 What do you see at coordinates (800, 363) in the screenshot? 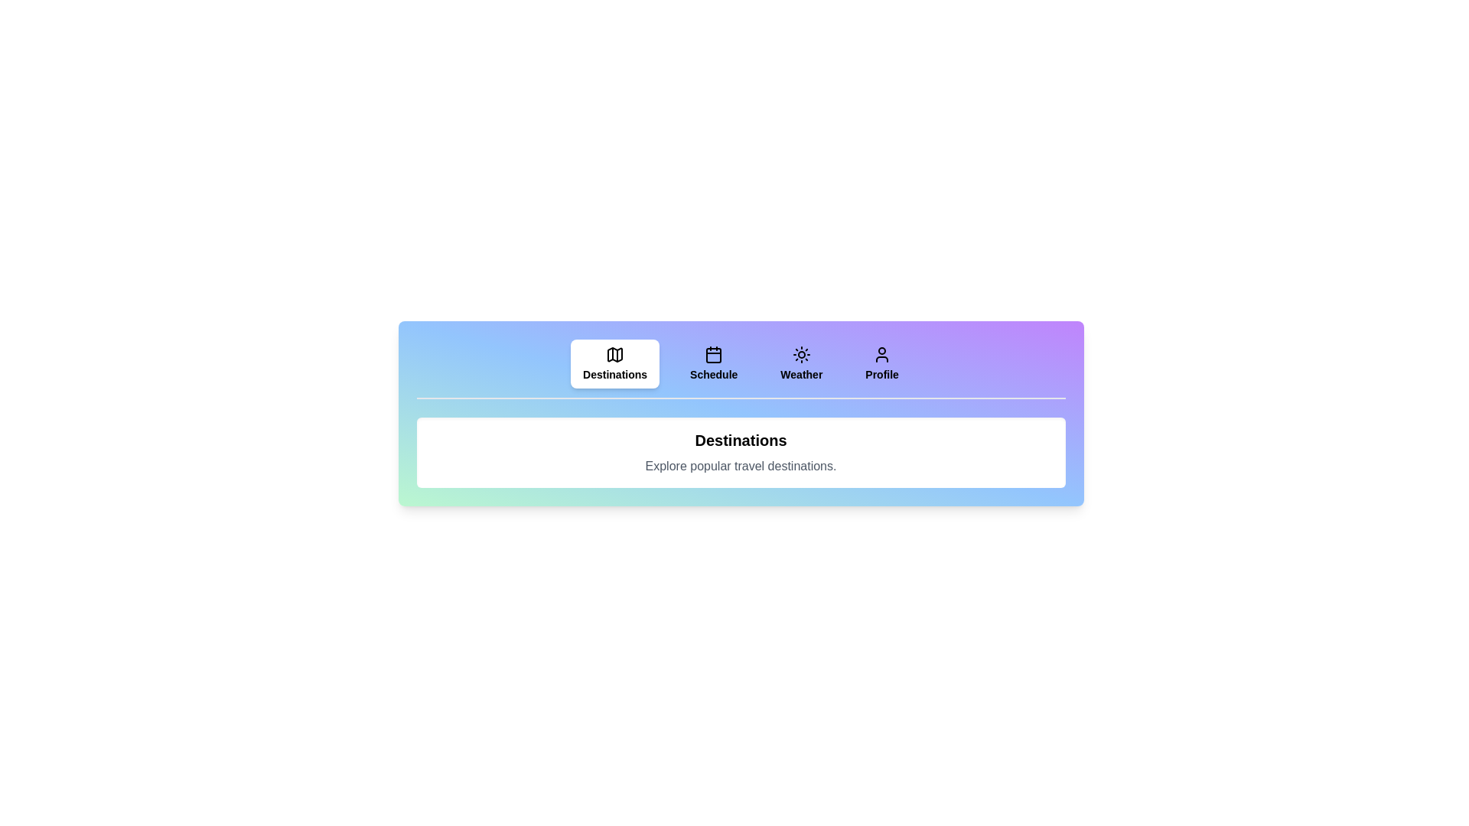
I see `the Weather tab to see its hover effect` at bounding box center [800, 363].